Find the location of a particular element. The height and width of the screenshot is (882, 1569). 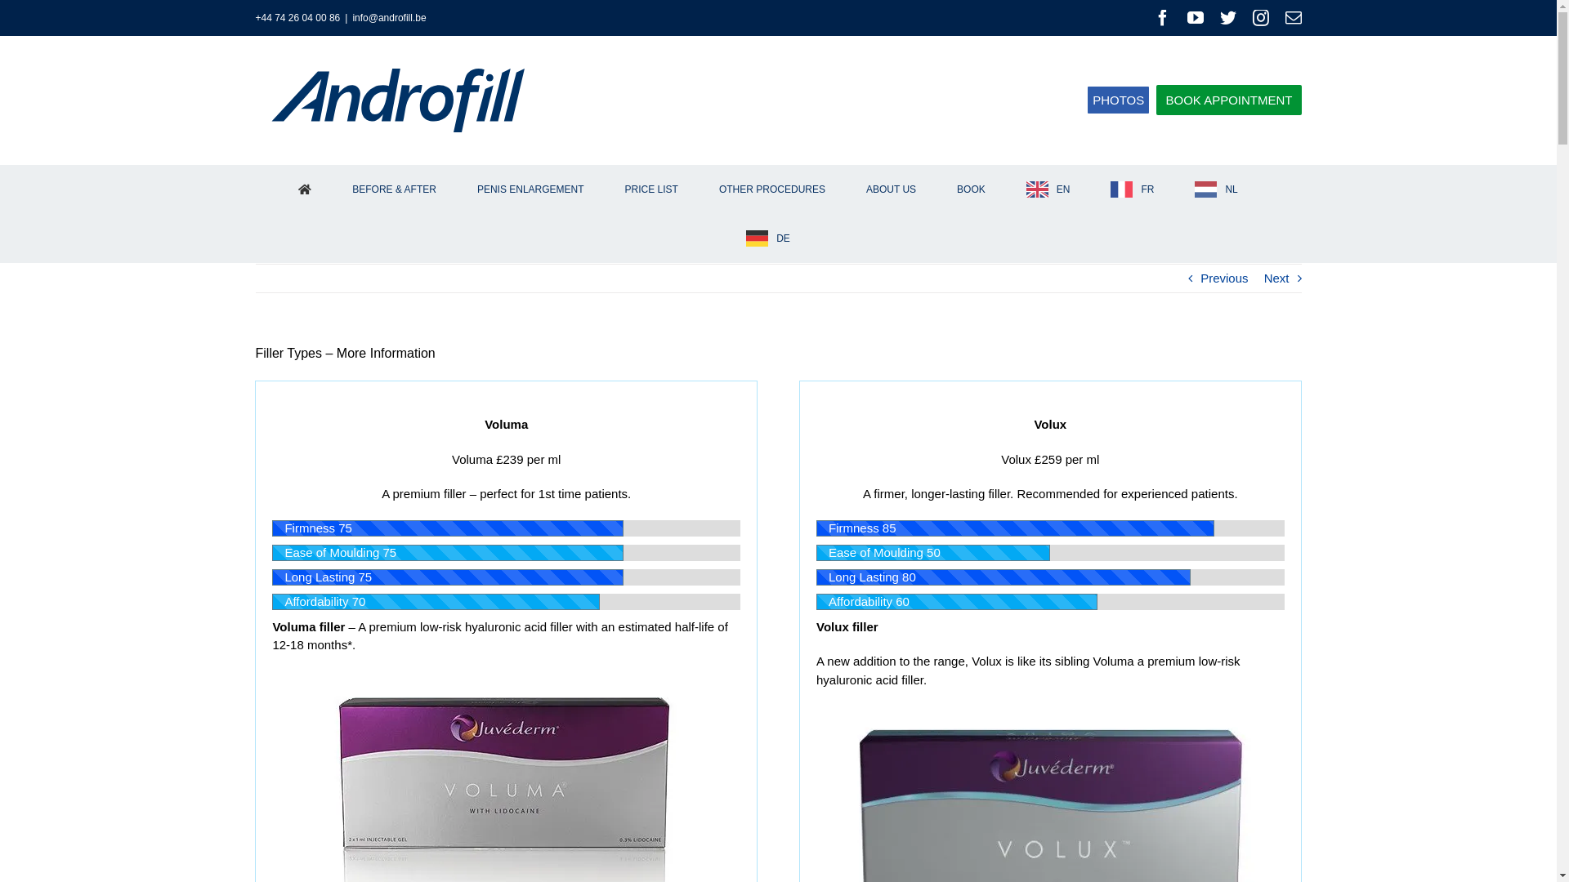

'Previous' is located at coordinates (1223, 277).